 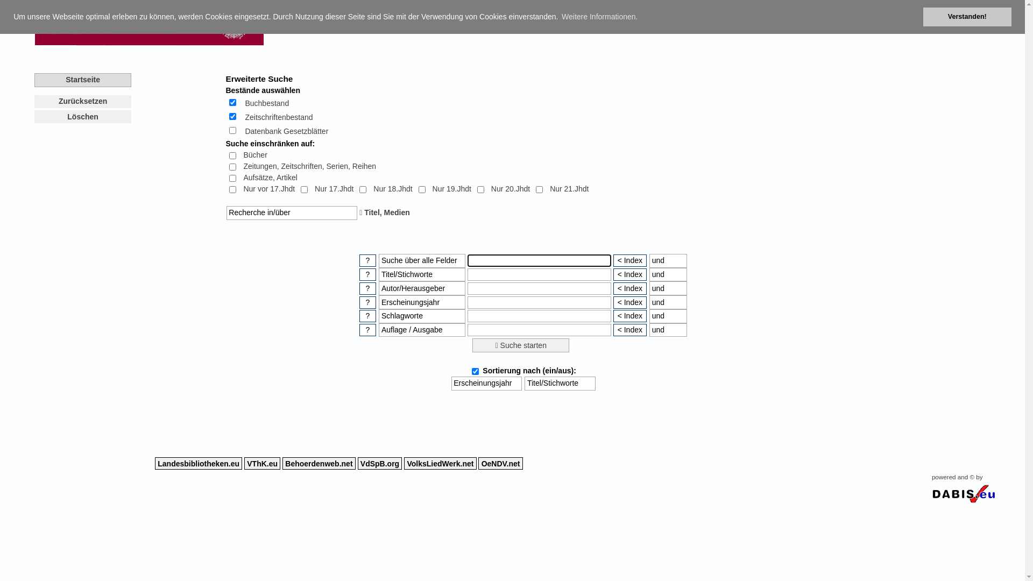 I want to click on '< Index', so click(x=630, y=288).